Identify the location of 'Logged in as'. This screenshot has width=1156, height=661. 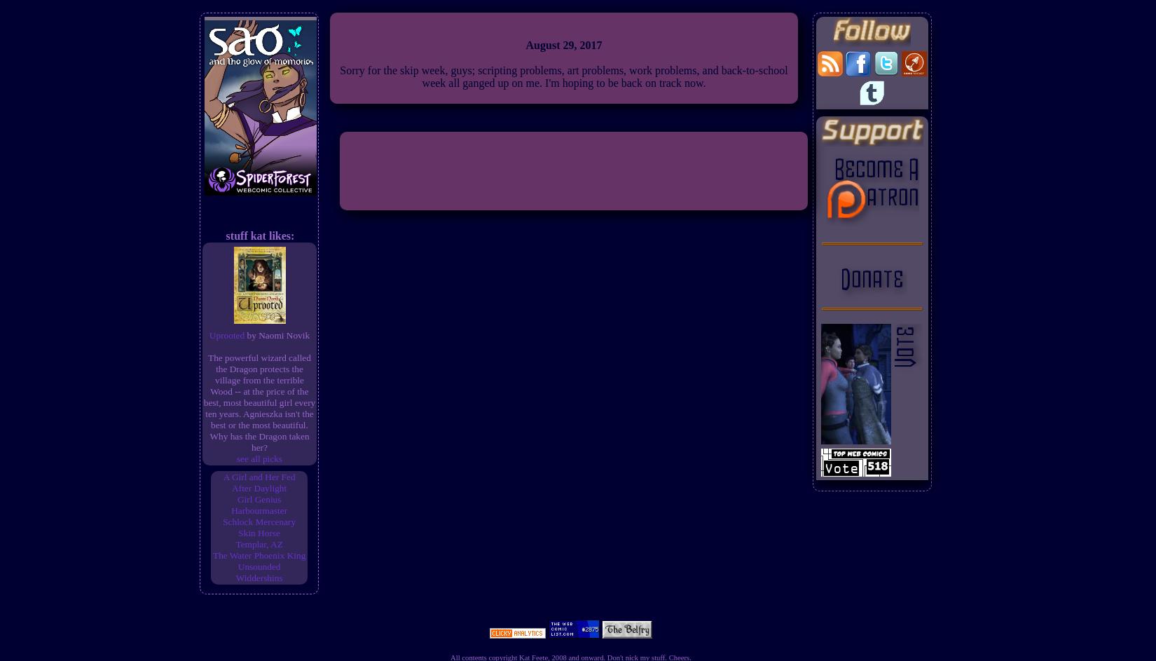
(572, 569).